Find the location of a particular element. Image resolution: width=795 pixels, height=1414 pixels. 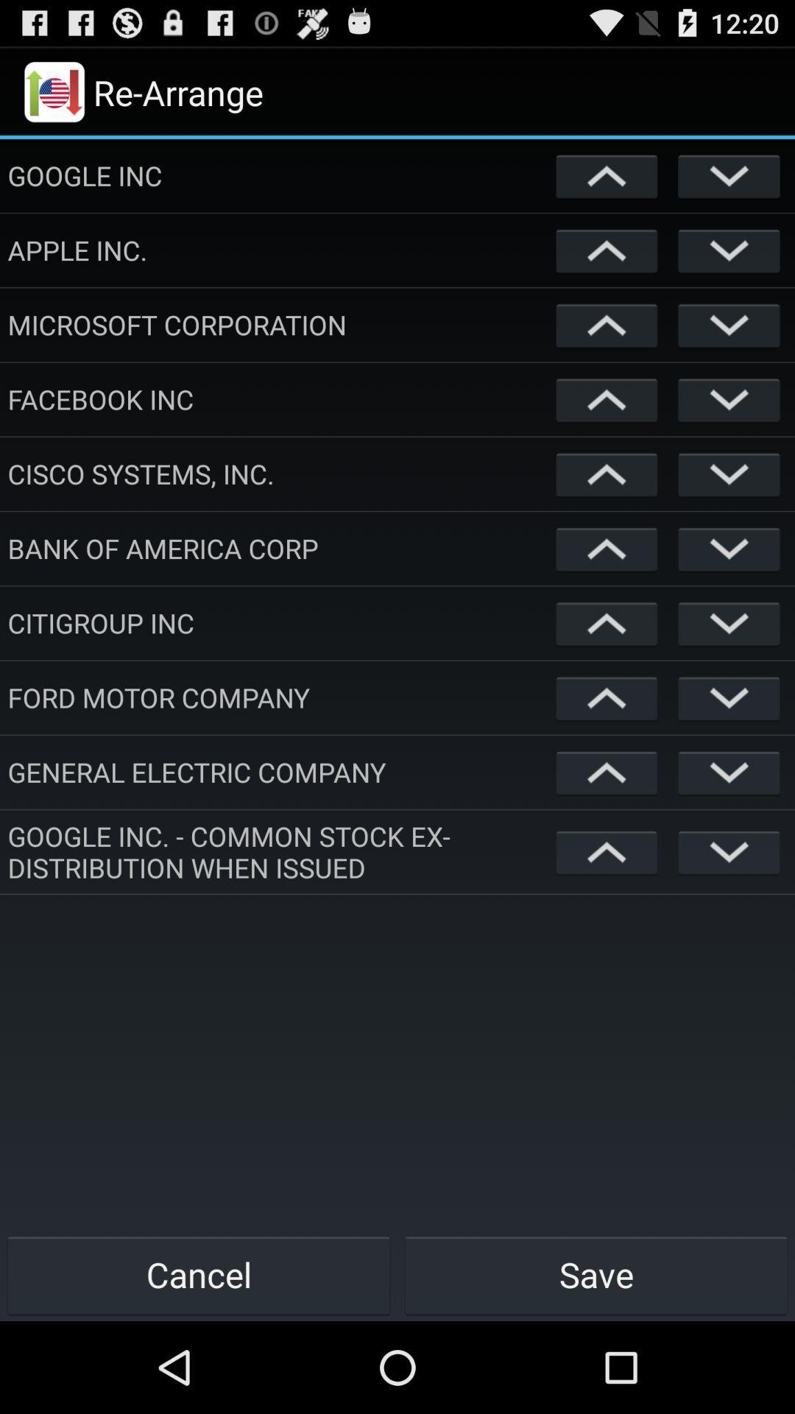

the cisco systems, inc. item is located at coordinates (278, 474).